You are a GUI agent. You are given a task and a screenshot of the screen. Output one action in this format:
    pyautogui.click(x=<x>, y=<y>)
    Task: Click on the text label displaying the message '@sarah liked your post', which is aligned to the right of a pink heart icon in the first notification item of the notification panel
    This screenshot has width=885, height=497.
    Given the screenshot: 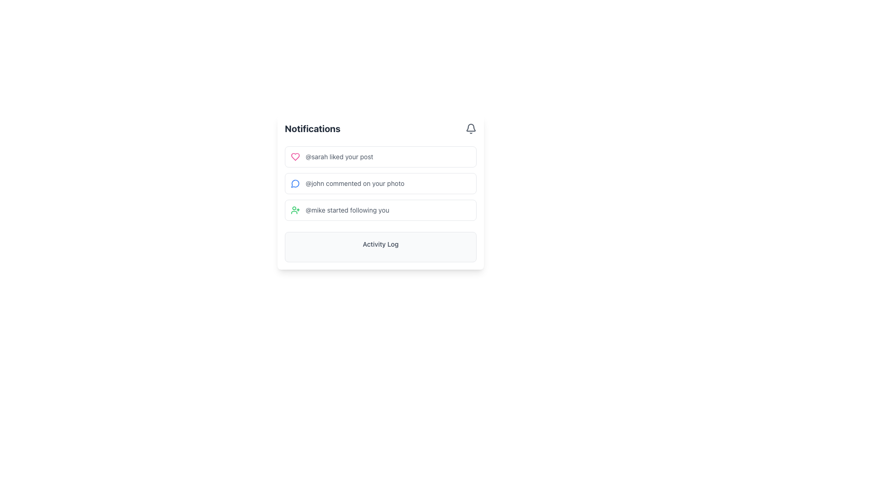 What is the action you would take?
    pyautogui.click(x=339, y=156)
    